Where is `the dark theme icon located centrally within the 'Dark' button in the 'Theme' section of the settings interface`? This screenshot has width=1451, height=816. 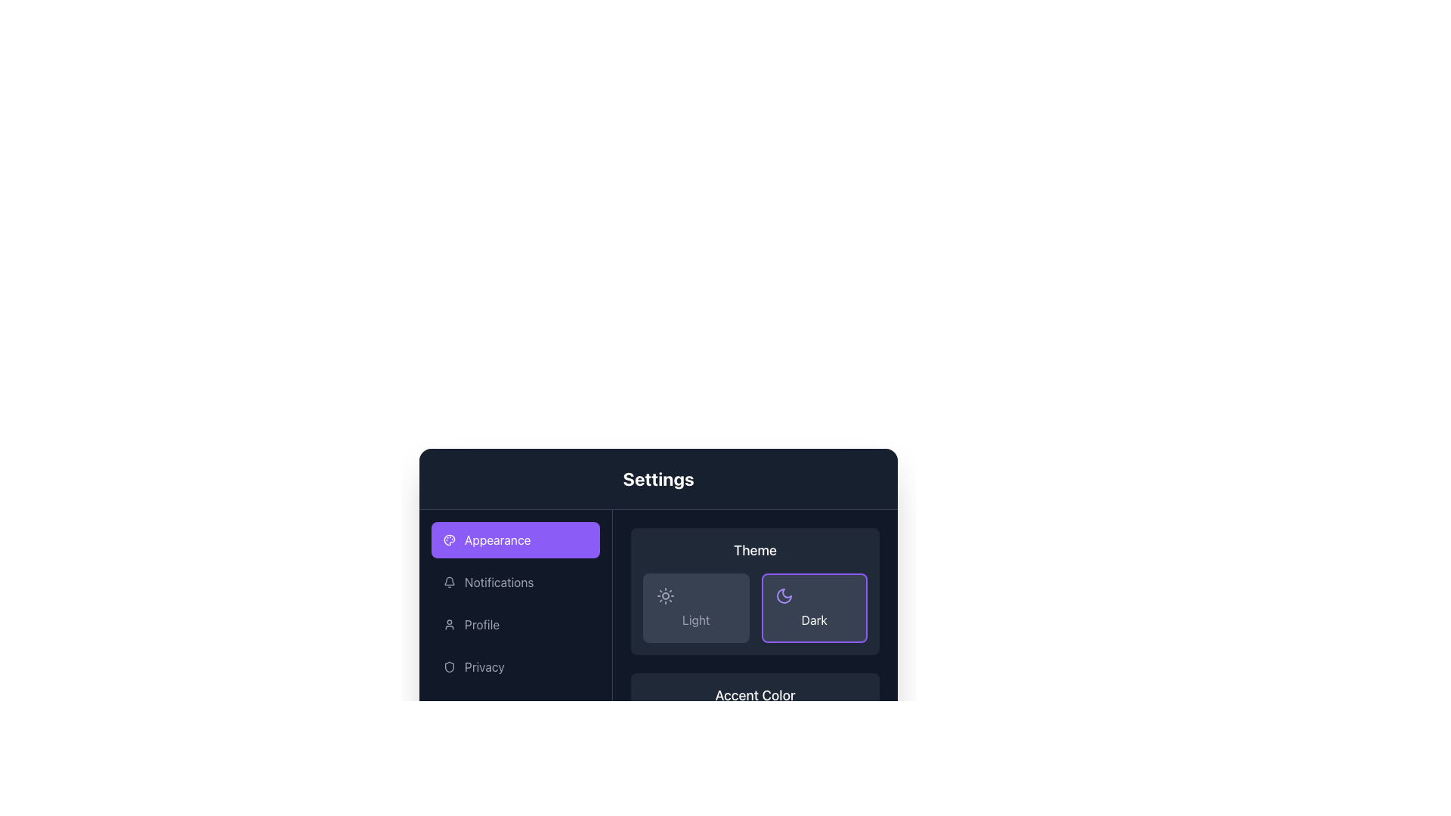 the dark theme icon located centrally within the 'Dark' button in the 'Theme' section of the settings interface is located at coordinates (784, 595).